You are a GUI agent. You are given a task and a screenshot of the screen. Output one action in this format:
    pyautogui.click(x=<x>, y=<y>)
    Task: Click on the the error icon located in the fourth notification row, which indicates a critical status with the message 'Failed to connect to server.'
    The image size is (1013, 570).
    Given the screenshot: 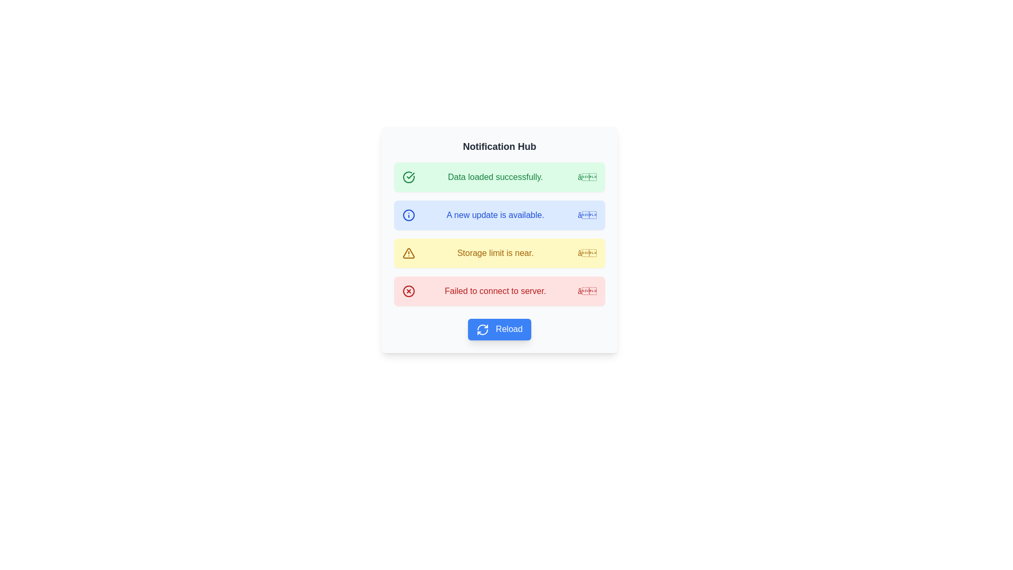 What is the action you would take?
    pyautogui.click(x=408, y=291)
    